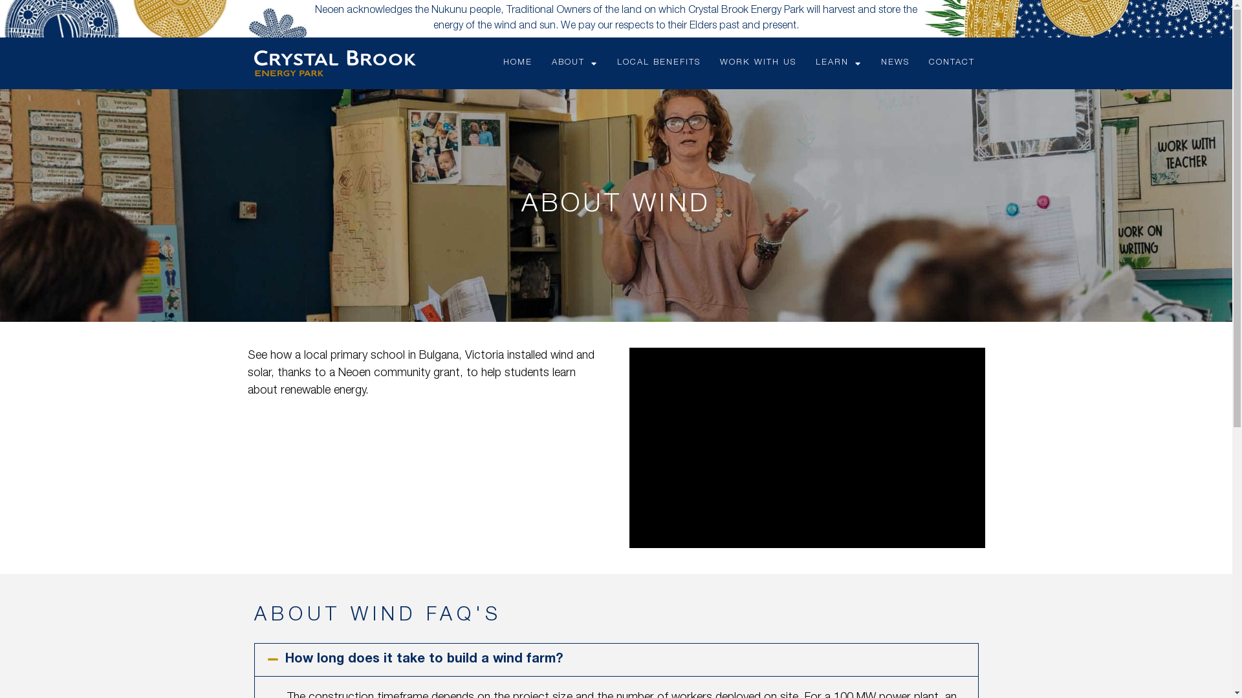 The width and height of the screenshot is (1242, 698). I want to click on 'vimeo Video Player', so click(806, 447).